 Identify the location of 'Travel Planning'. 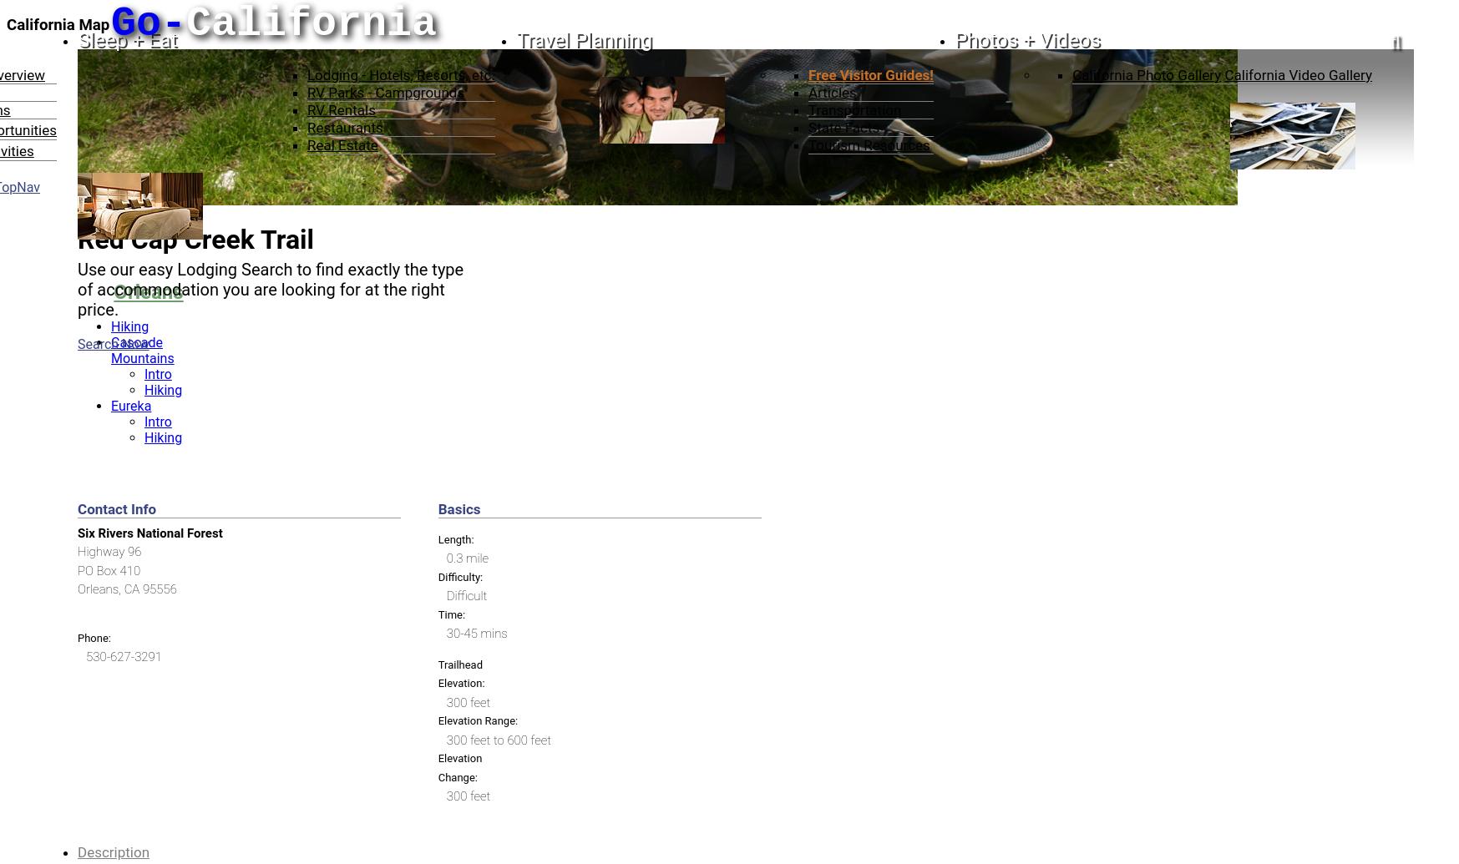
(515, 40).